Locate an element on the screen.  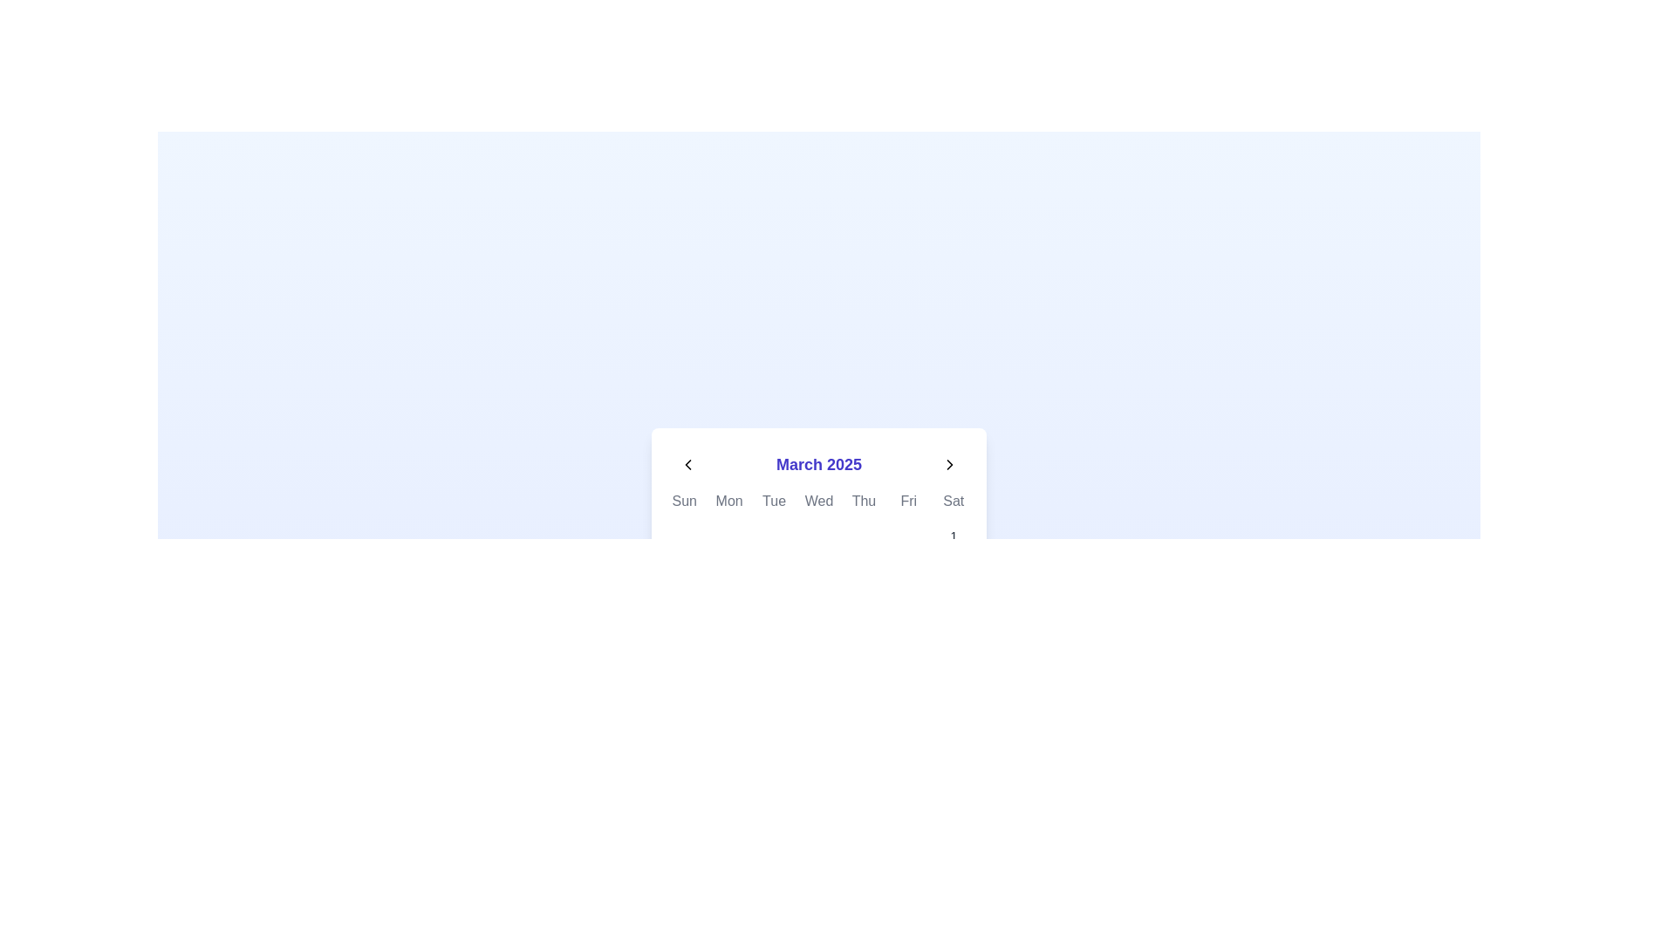
the button representing the first day of the month in the calendar view, located under the 'Sat' column header is located at coordinates (953, 535).